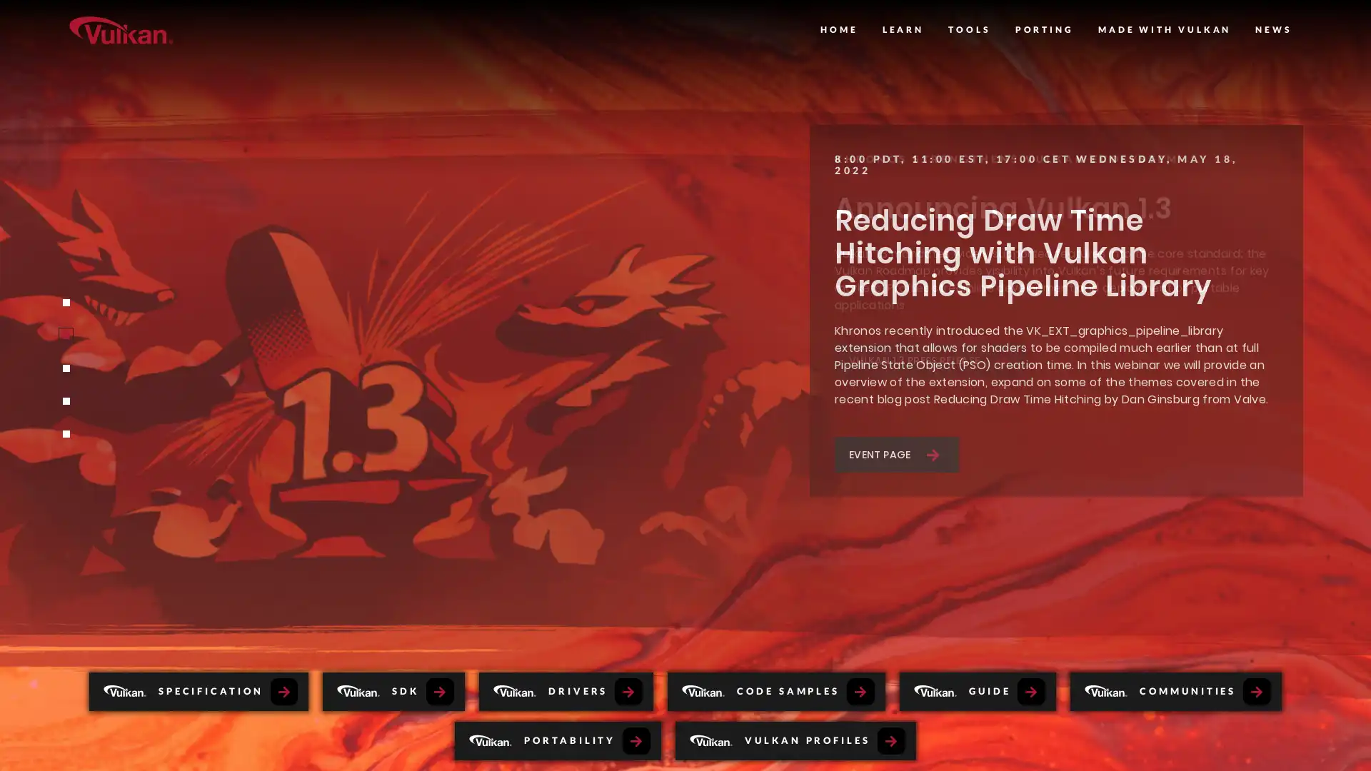 Image resolution: width=1371 pixels, height=771 pixels. What do you see at coordinates (64, 368) in the screenshot?
I see `3` at bounding box center [64, 368].